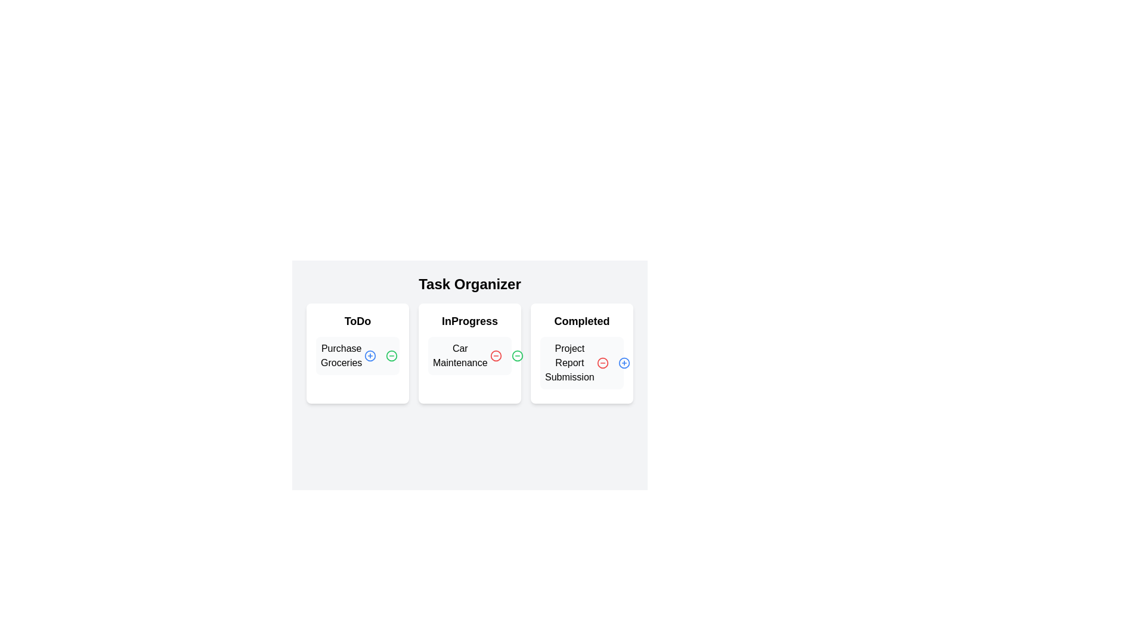 The width and height of the screenshot is (1145, 644). Describe the element at coordinates (469, 321) in the screenshot. I see `the category header InProgress to focus on the corresponding category` at that location.